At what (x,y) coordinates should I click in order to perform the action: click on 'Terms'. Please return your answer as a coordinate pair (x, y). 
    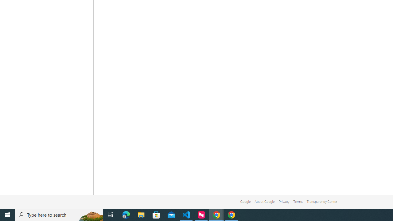
    Looking at the image, I should click on (298, 202).